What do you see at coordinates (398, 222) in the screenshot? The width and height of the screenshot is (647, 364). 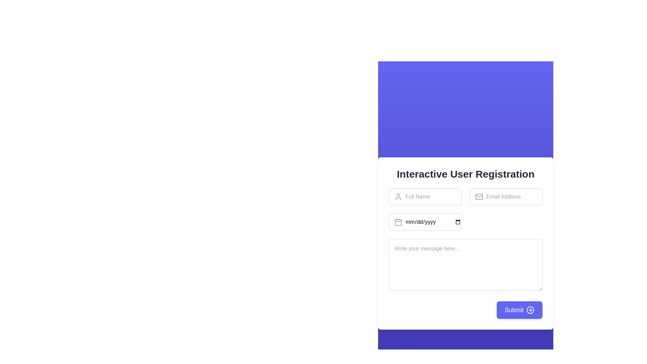 I see `the gray calendar icon located to the left of the date input field labeled 'mm/dd/yyyy'` at bounding box center [398, 222].